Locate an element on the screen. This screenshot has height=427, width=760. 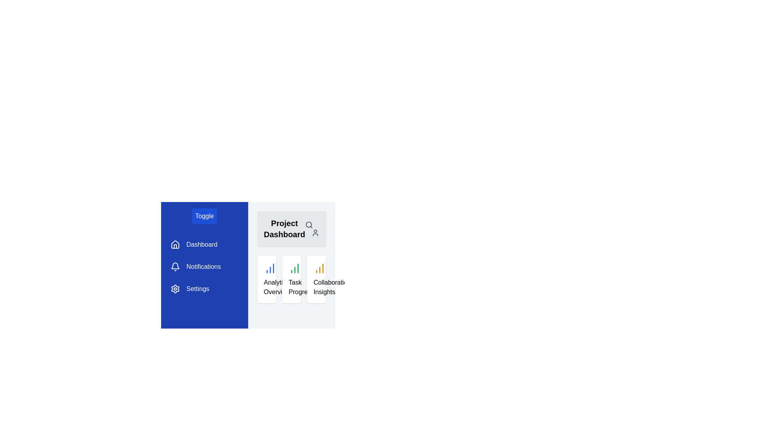
the toggle button located at the top of the vertical navigation sidebar is located at coordinates (204, 216).